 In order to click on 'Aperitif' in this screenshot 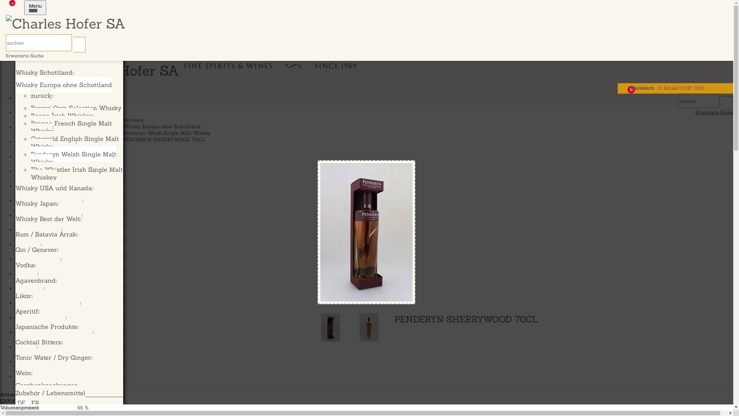, I will do `click(27, 310)`.